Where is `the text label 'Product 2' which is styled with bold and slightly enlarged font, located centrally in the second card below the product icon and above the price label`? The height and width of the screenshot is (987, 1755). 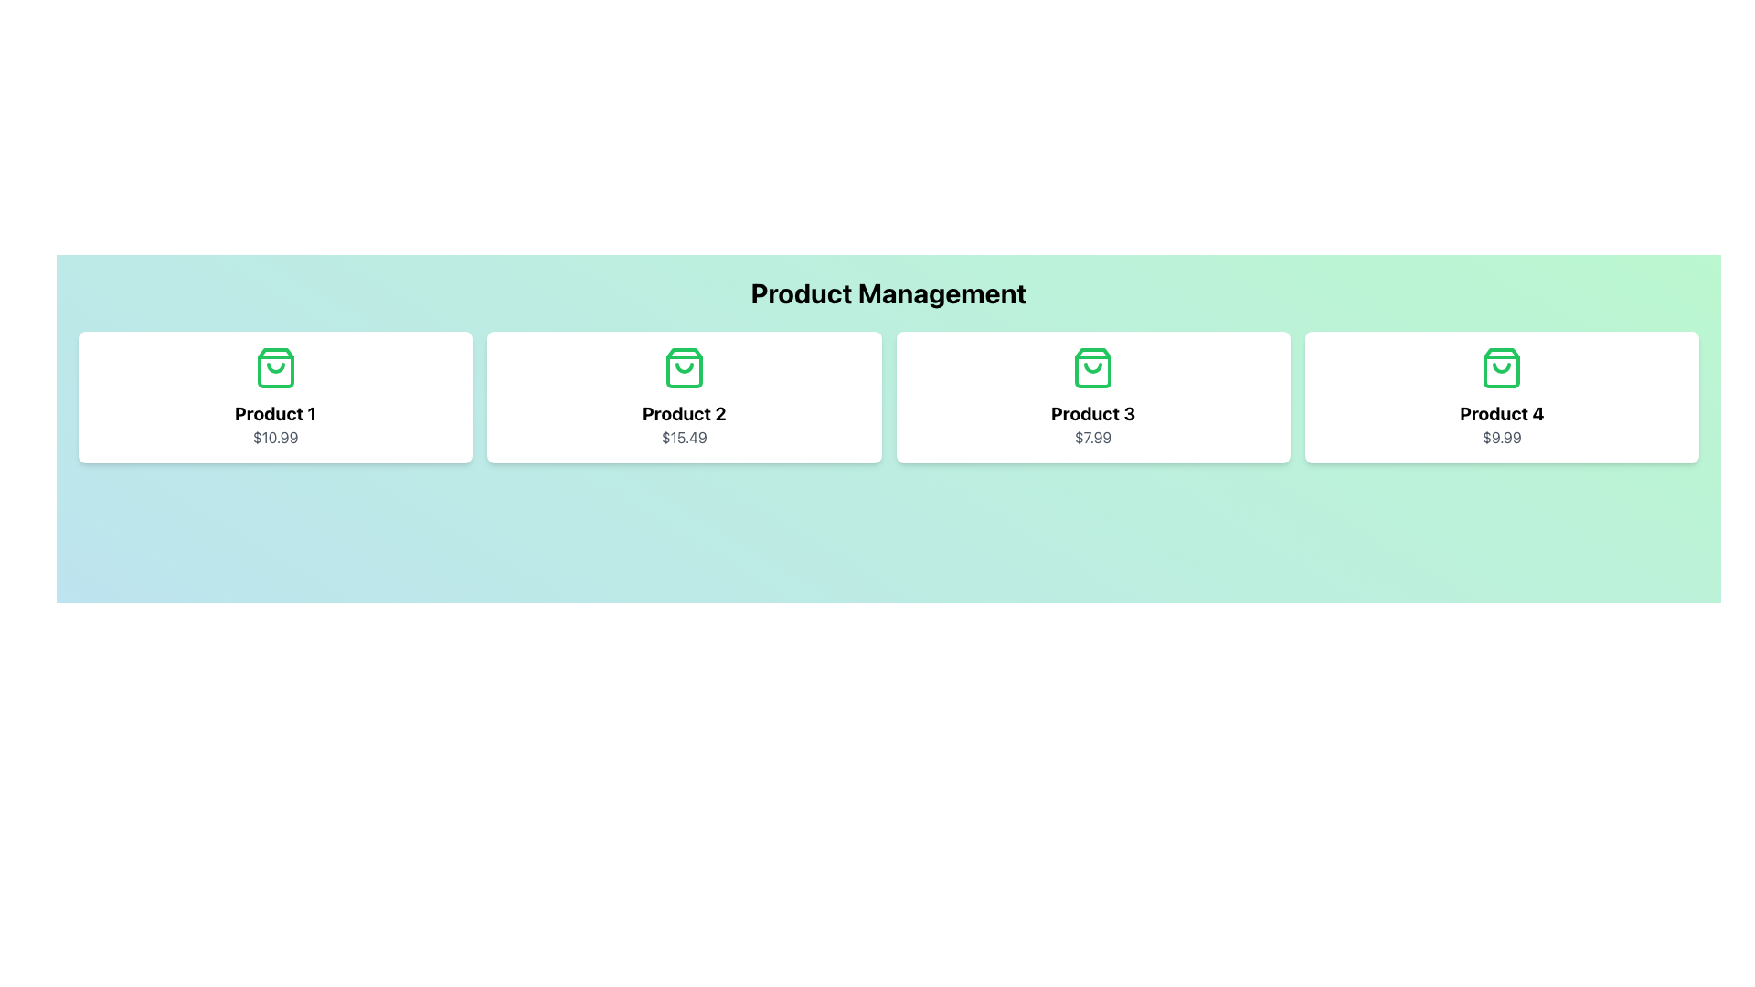
the text label 'Product 2' which is styled with bold and slightly enlarged font, located centrally in the second card below the product icon and above the price label is located at coordinates (683, 413).